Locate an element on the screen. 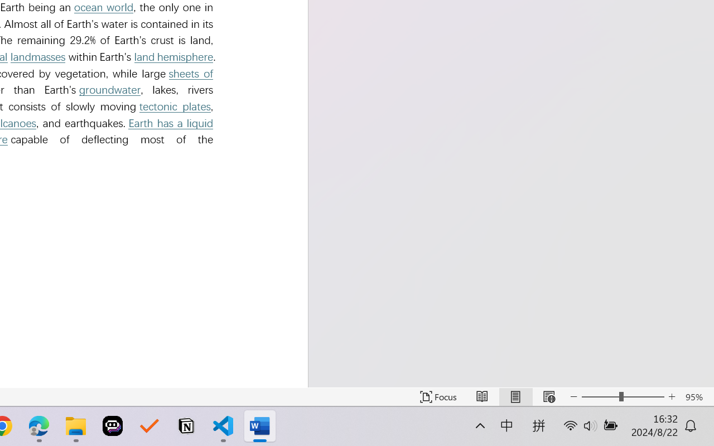 This screenshot has width=714, height=446. 'groundwater' is located at coordinates (110, 90).